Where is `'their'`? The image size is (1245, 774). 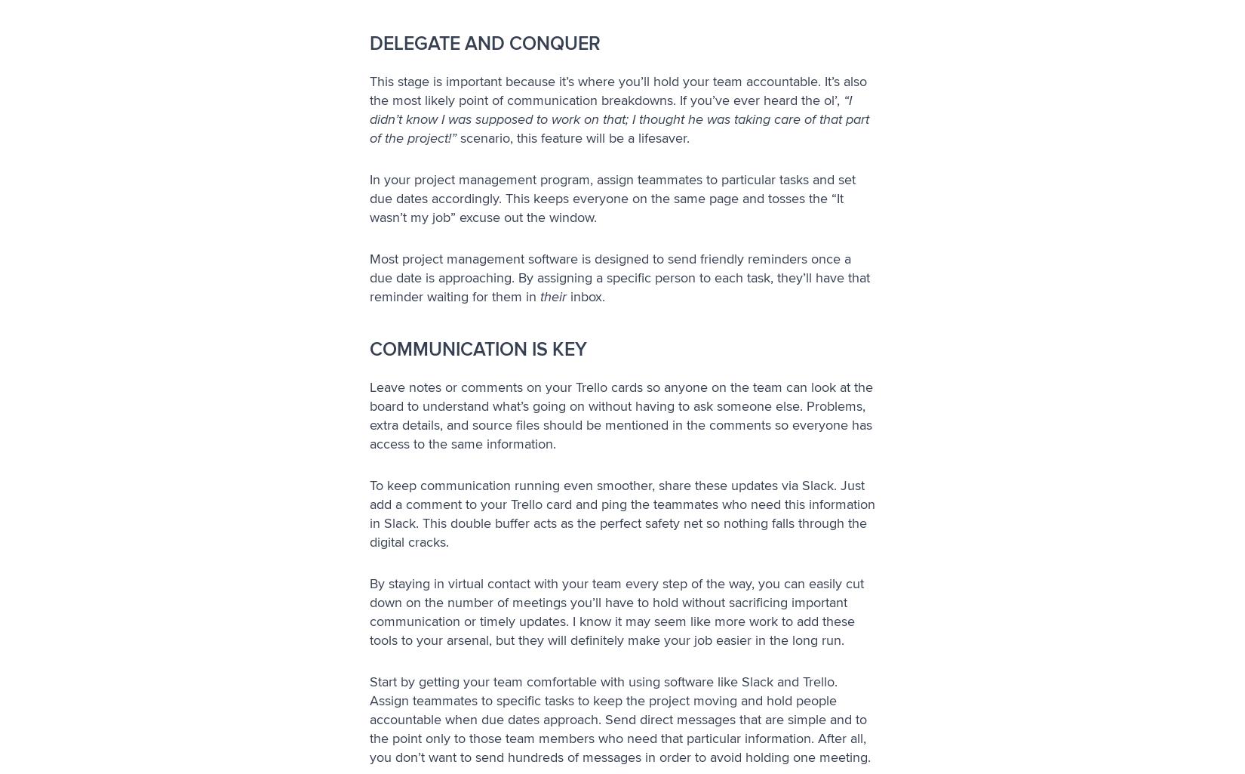
'their' is located at coordinates (552, 296).